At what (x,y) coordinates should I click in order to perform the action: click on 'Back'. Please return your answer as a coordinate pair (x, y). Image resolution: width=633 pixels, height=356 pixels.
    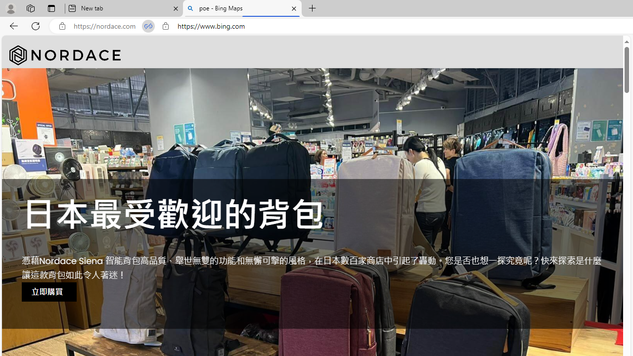
    Looking at the image, I should click on (12, 25).